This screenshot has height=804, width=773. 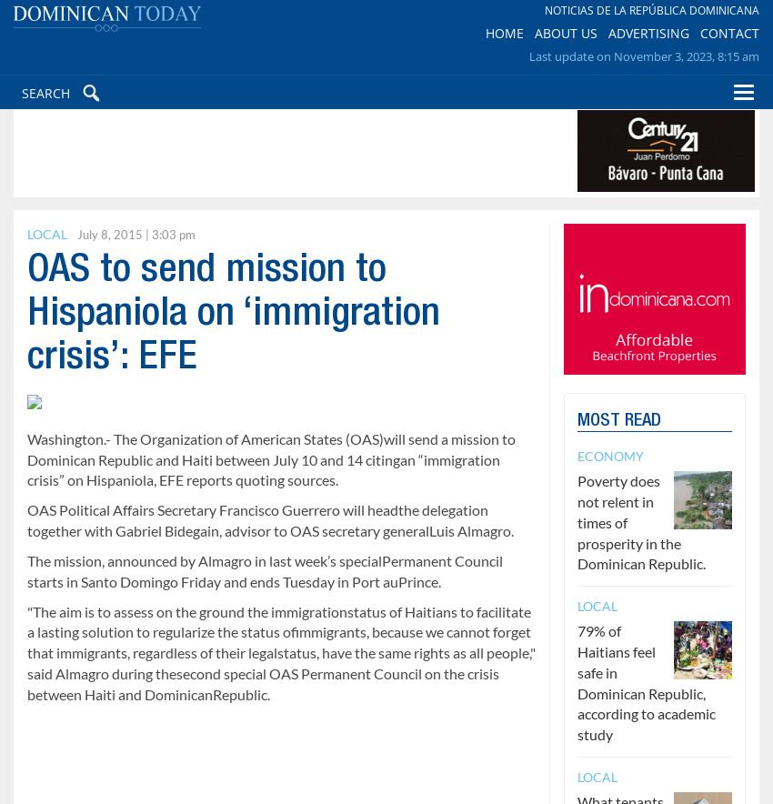 I want to click on 'OAS Political Affairs Secretary Francisco Guerrero will headthe delegation together with Gabriel Bidegain, advisor to OAS secretary generalLuis Almagro.', so click(x=269, y=519).